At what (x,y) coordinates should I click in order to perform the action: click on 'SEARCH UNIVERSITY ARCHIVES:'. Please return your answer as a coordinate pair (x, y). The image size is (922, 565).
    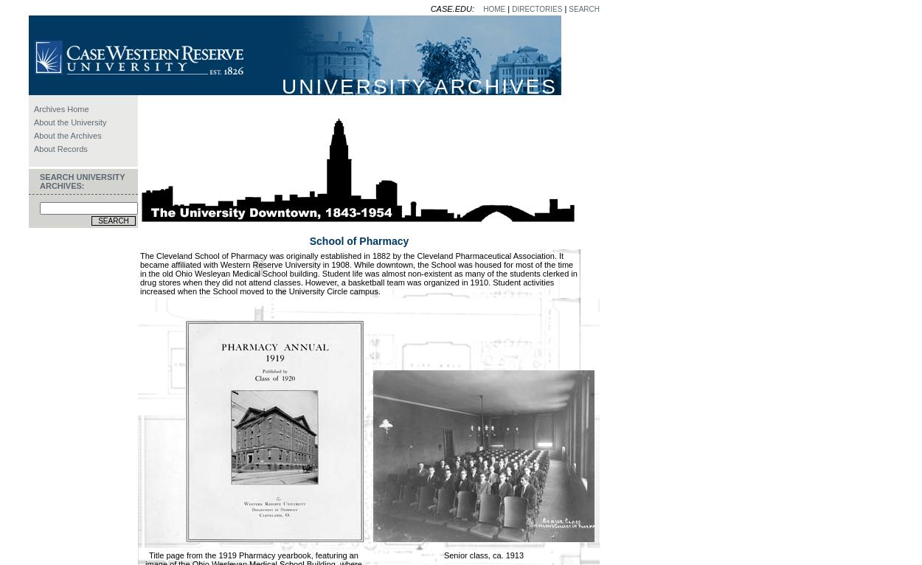
    Looking at the image, I should click on (81, 180).